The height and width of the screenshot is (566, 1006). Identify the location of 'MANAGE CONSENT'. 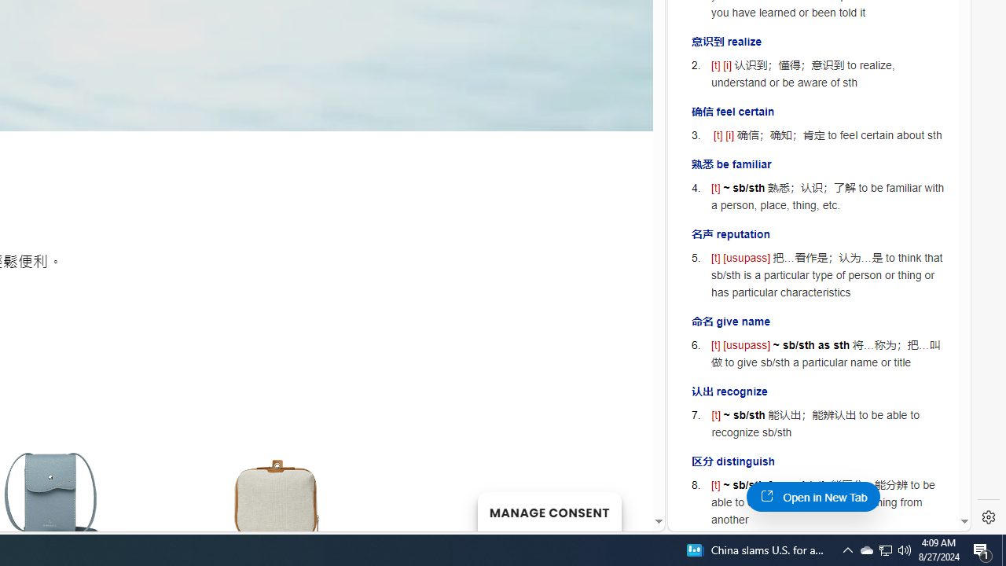
(549, 511).